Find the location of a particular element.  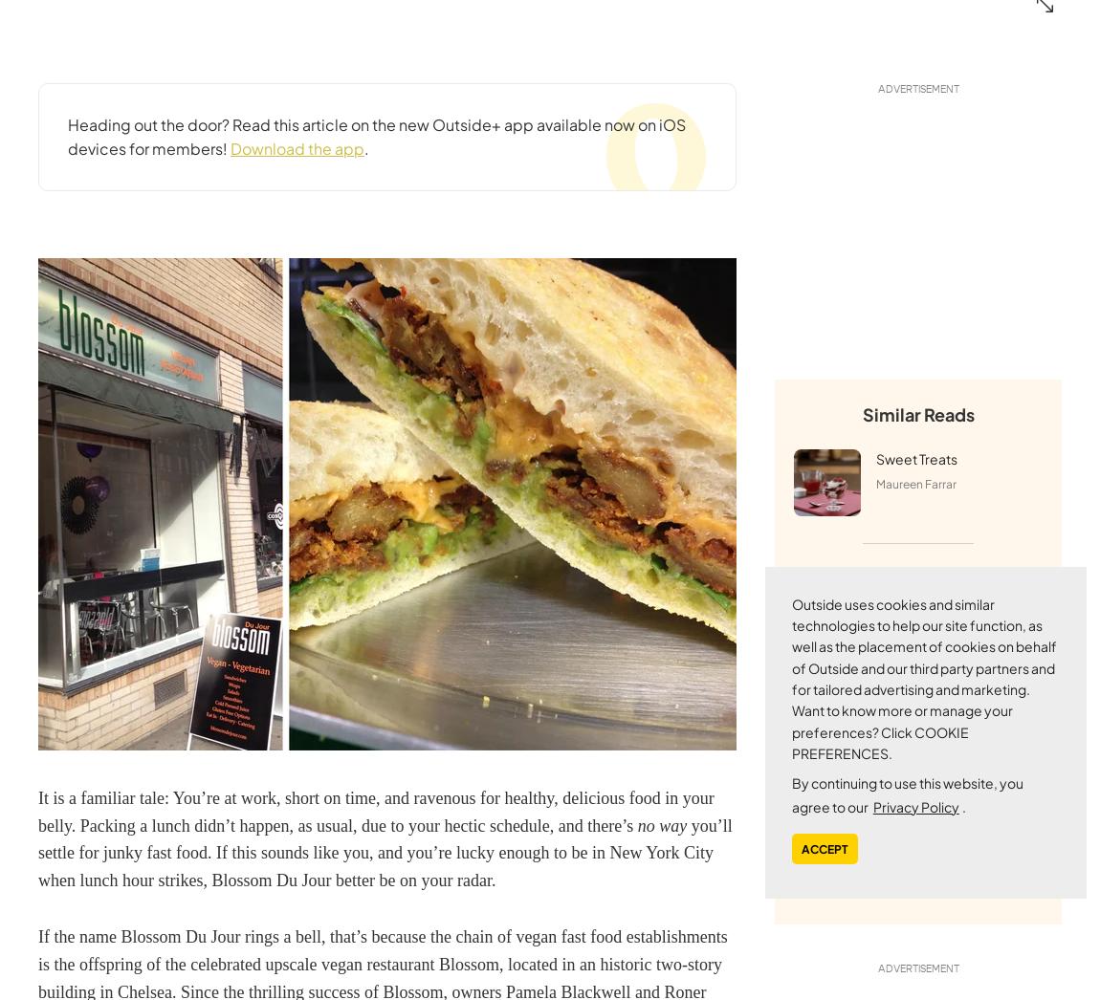

'Outside uses cookies and similar technologies to help our site function, as well as the placement of cookies on behalf of Outside and our third party partners and for tailored advertising and marketing. Want to know more or manage your preferences? Click COOKIE PREFERENCES.' is located at coordinates (924, 678).